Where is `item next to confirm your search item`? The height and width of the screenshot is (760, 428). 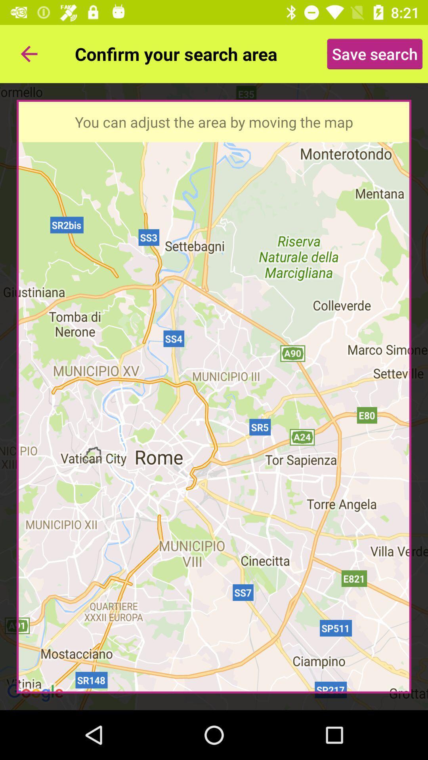
item next to confirm your search item is located at coordinates (374, 53).